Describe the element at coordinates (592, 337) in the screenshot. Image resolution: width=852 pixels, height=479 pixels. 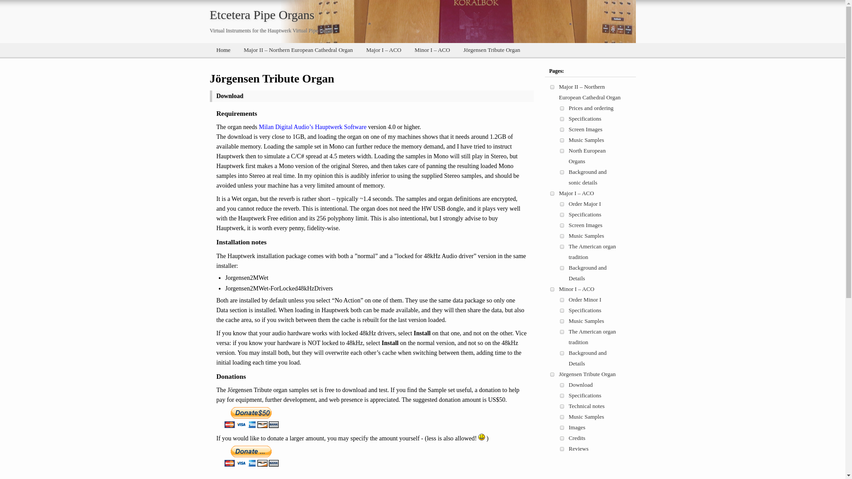
I see `'The American organ tradition'` at that location.